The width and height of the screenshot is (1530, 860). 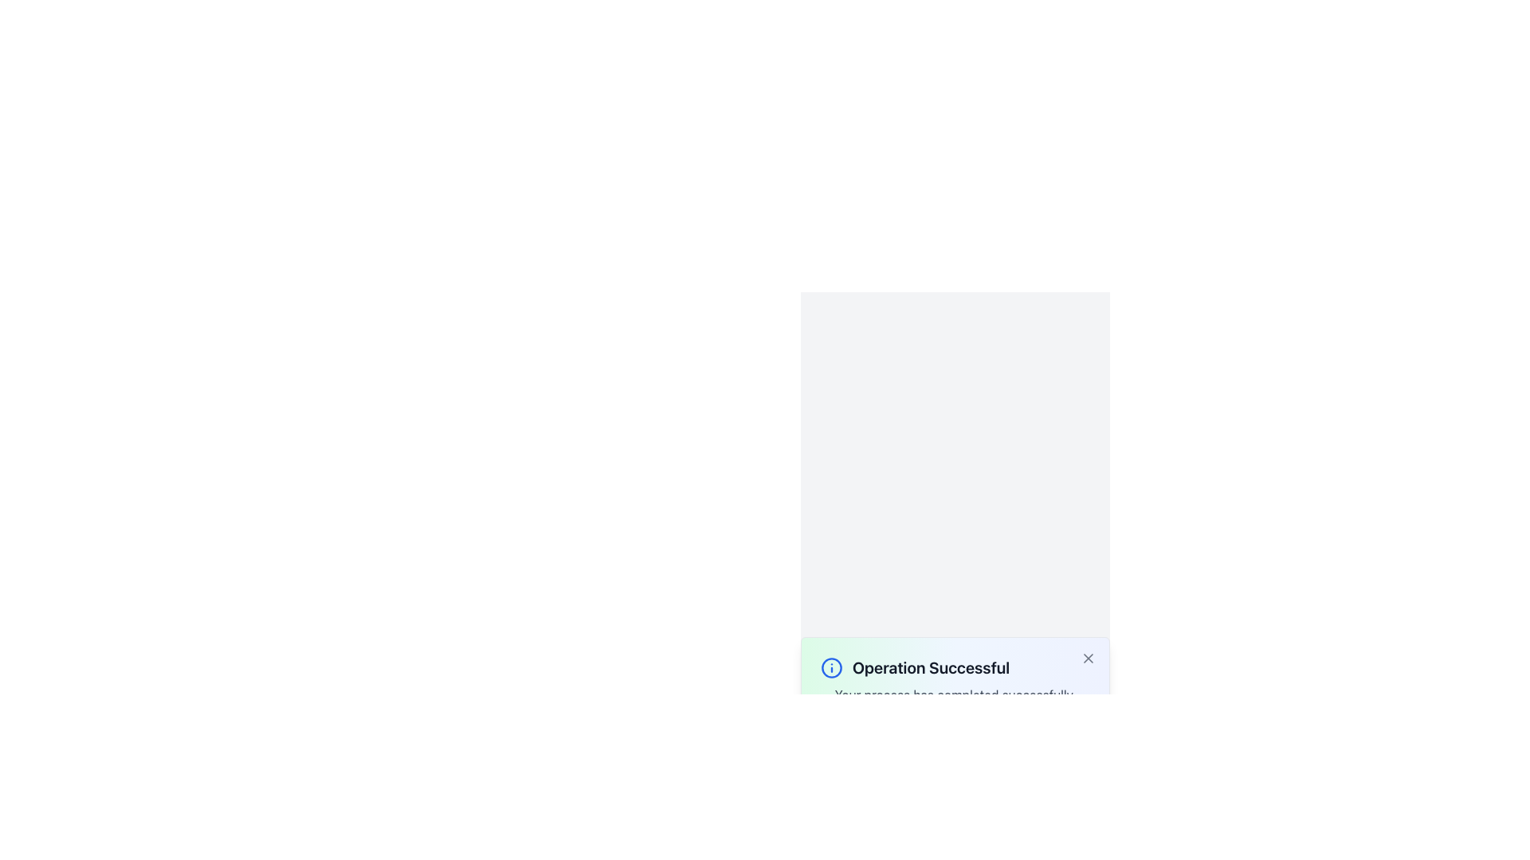 What do you see at coordinates (1088, 658) in the screenshot?
I see `the small close button represented by an 'X' icon at the top-right corner of the notification card` at bounding box center [1088, 658].